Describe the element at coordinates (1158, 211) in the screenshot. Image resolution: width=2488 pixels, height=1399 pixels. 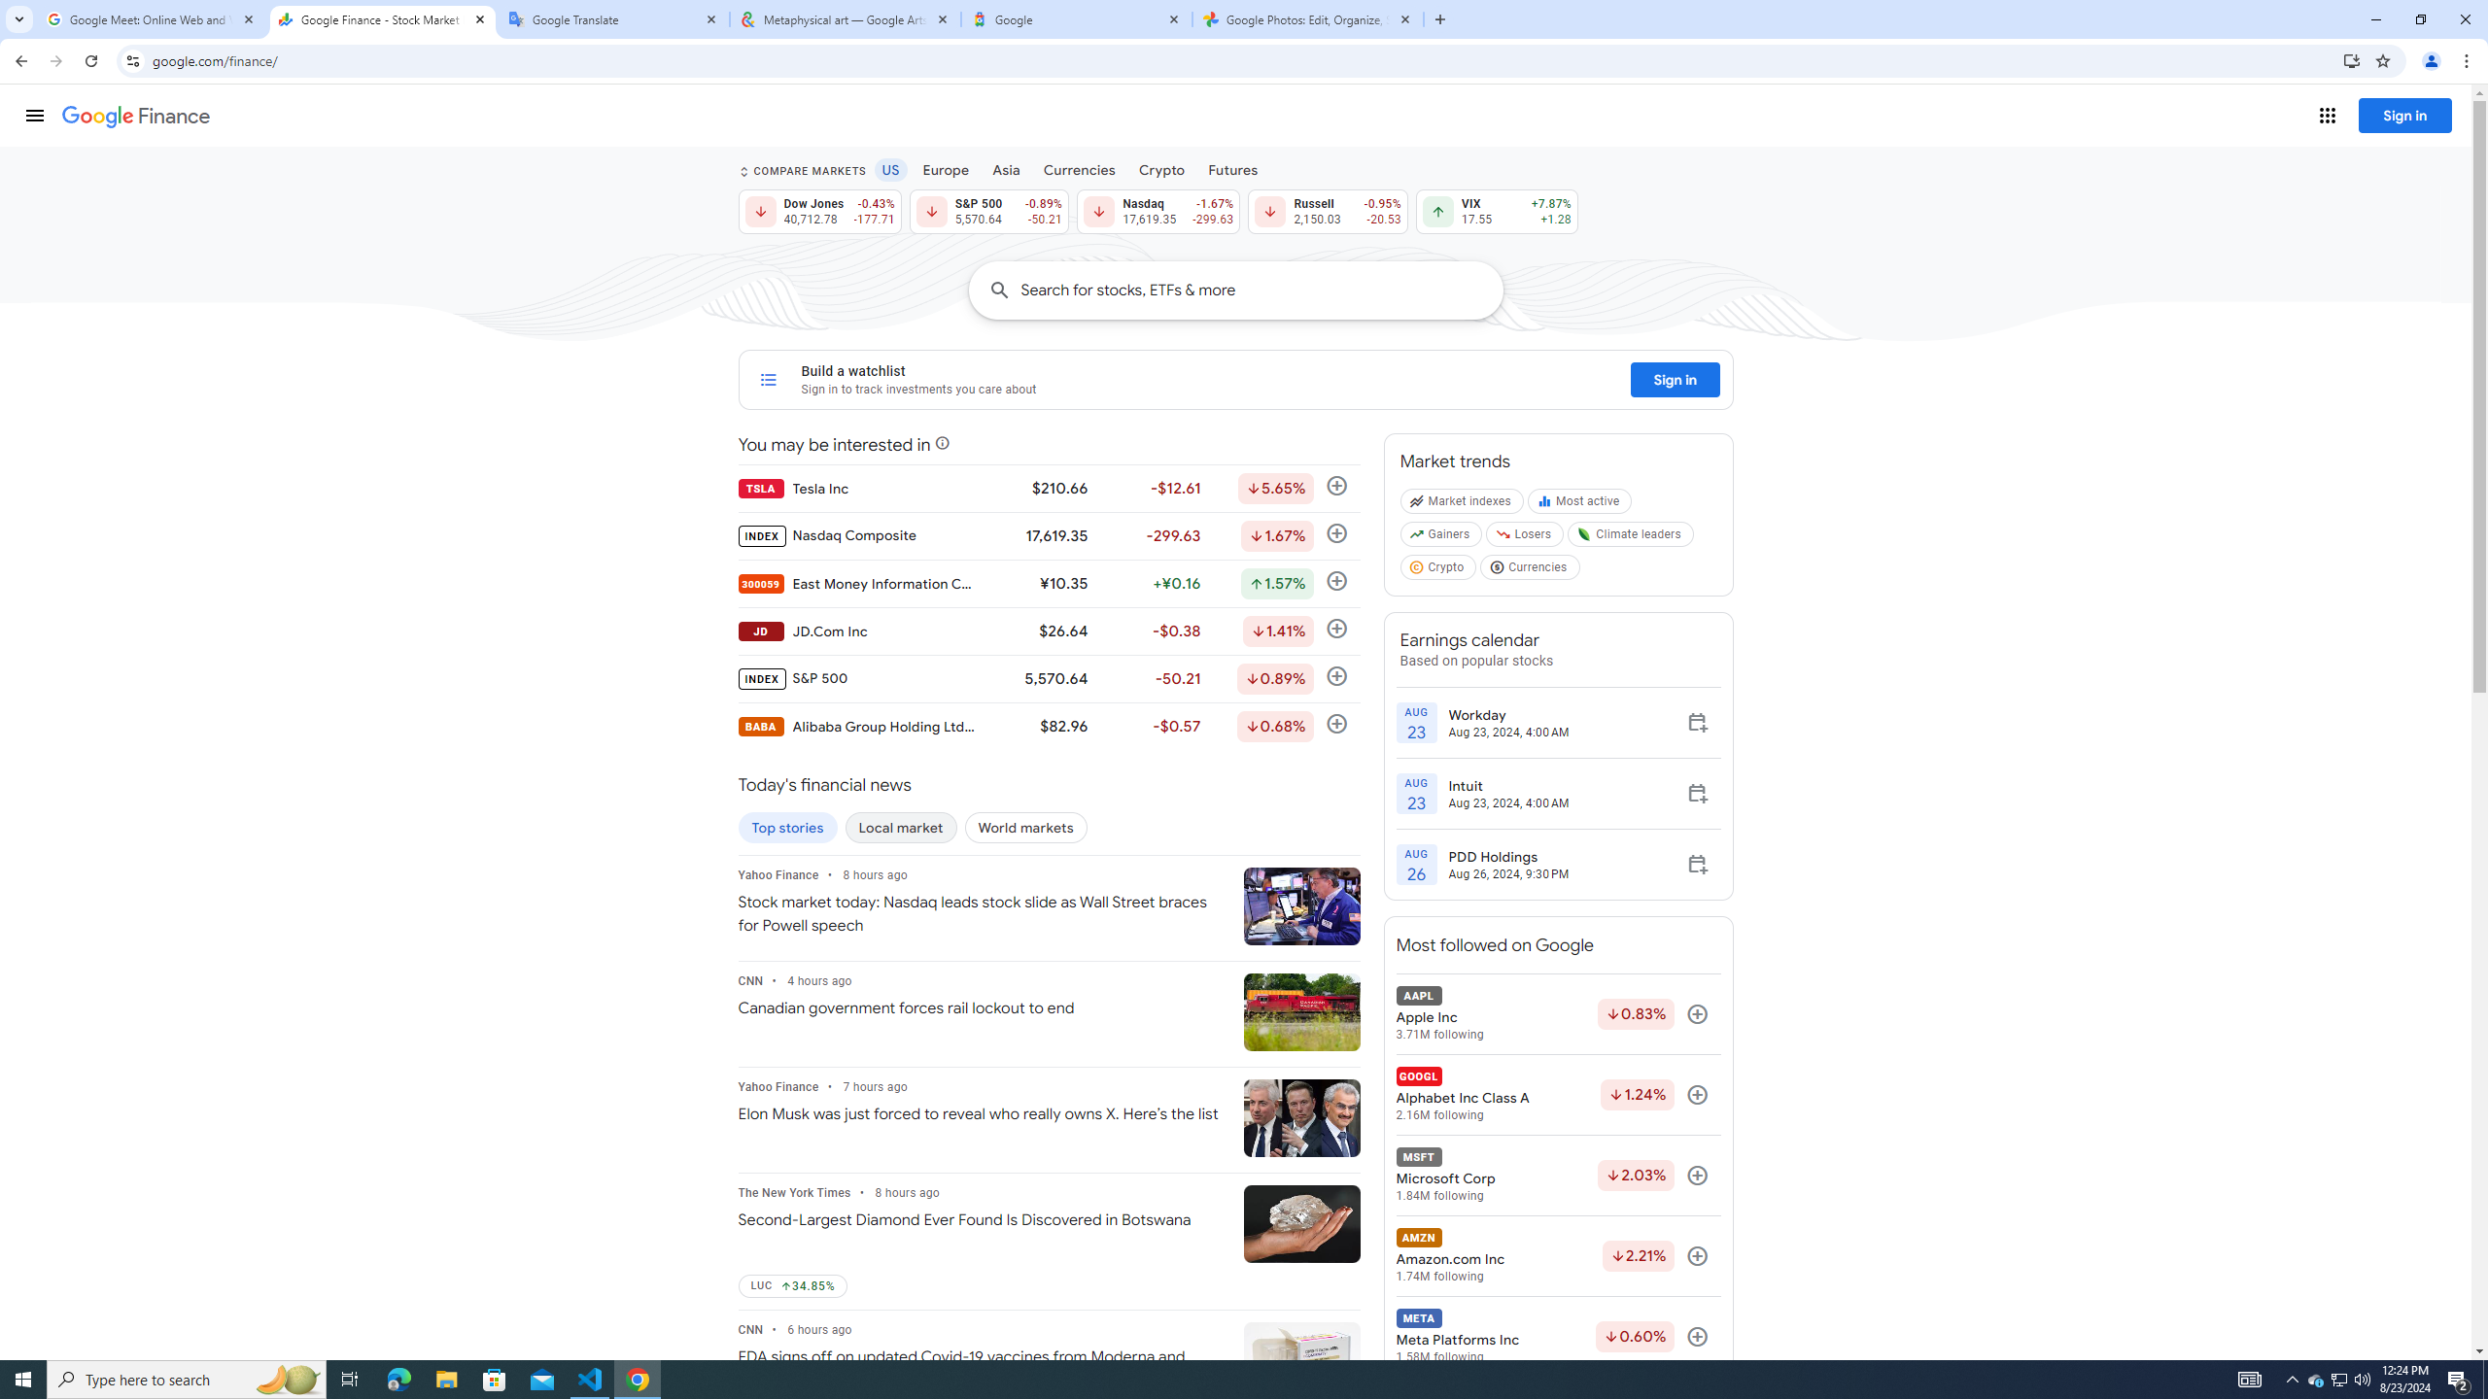
I see `'Nasdaq 17,619.35 Down by 1.67% -299.63'` at that location.